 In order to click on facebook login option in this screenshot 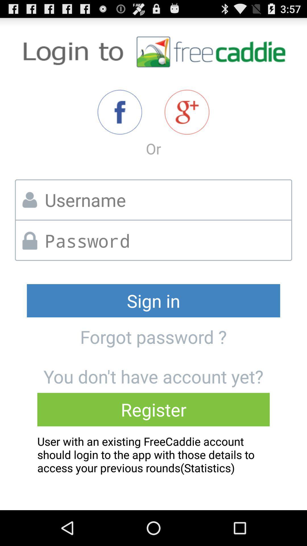, I will do `click(119, 112)`.